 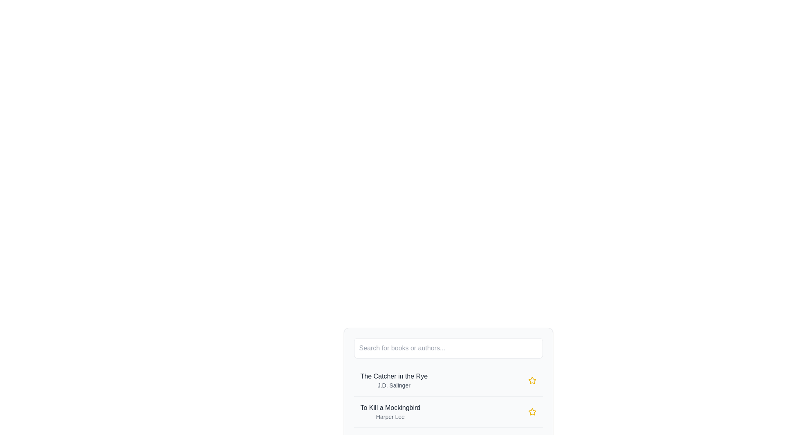 I want to click on the yellow five-pointed star icon outlined in black, located to the far right of 'The Catcher in the Rye' entry, so click(x=532, y=381).